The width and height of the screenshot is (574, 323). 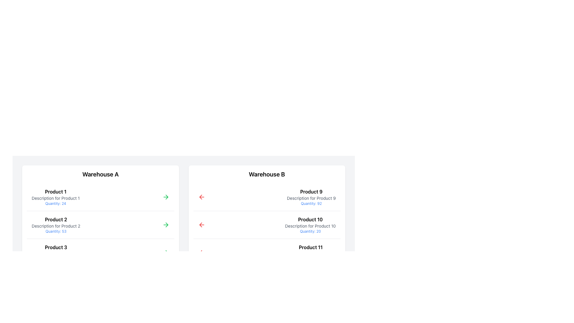 I want to click on the navigational icon in the upper-left section of the 'Warehouse B' product details for 'Product 9', so click(x=201, y=197).